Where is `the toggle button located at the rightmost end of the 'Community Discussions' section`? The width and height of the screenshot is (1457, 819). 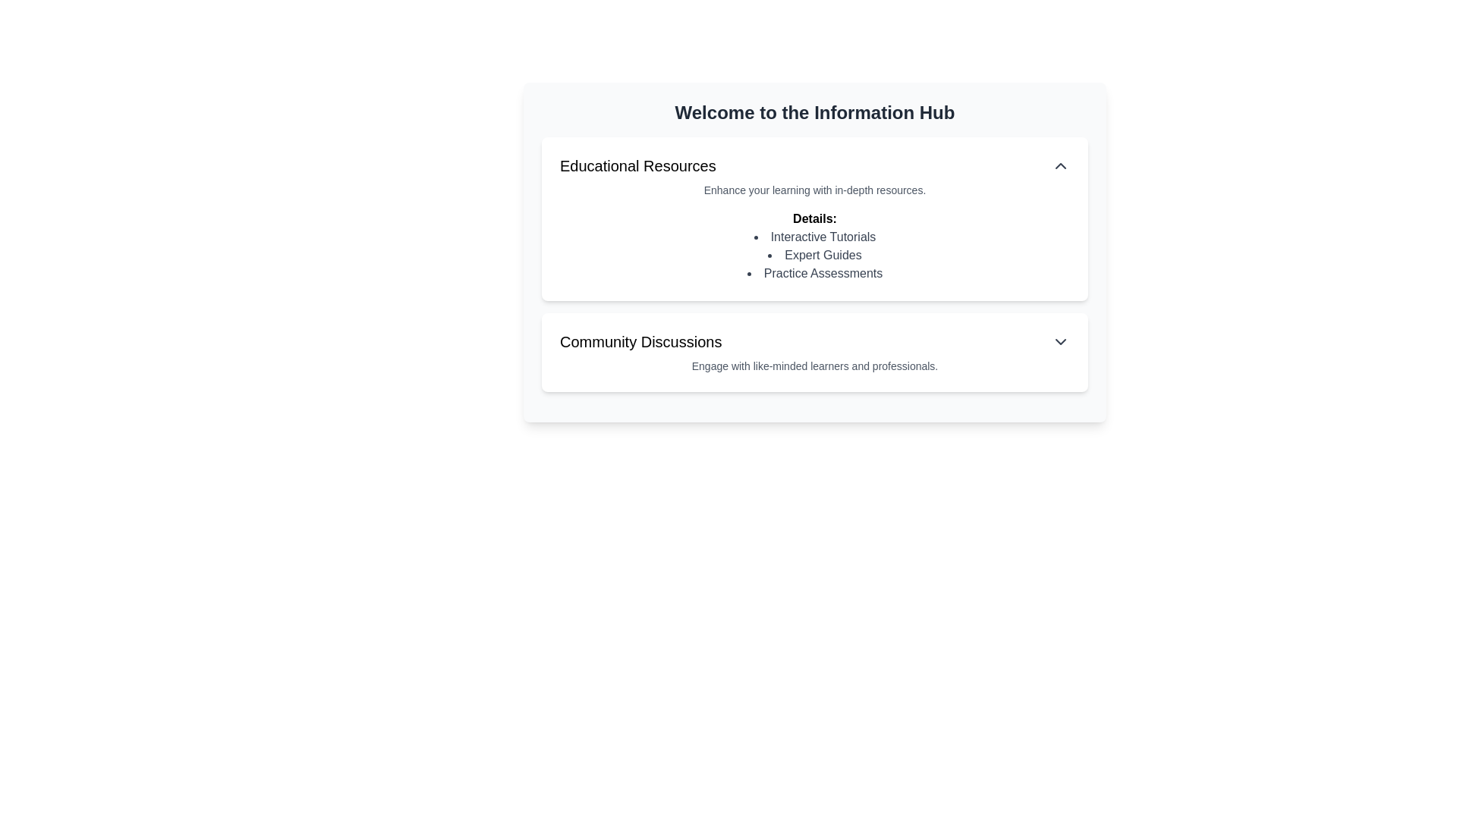 the toggle button located at the rightmost end of the 'Community Discussions' section is located at coordinates (1059, 342).